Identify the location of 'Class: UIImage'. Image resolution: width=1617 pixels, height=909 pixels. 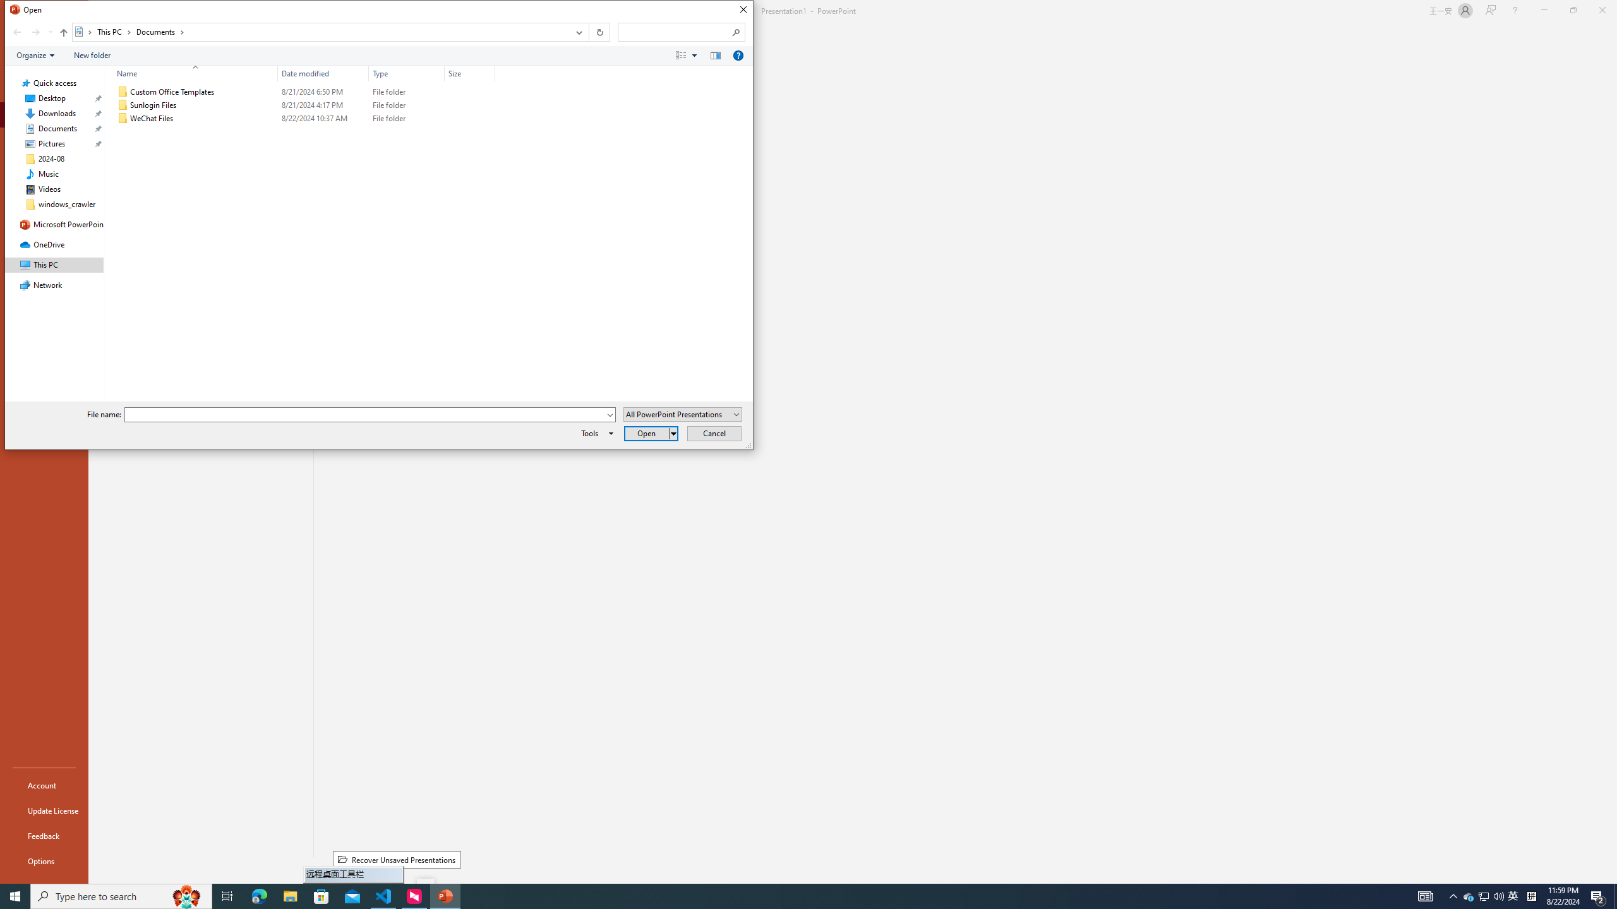
(123, 118).